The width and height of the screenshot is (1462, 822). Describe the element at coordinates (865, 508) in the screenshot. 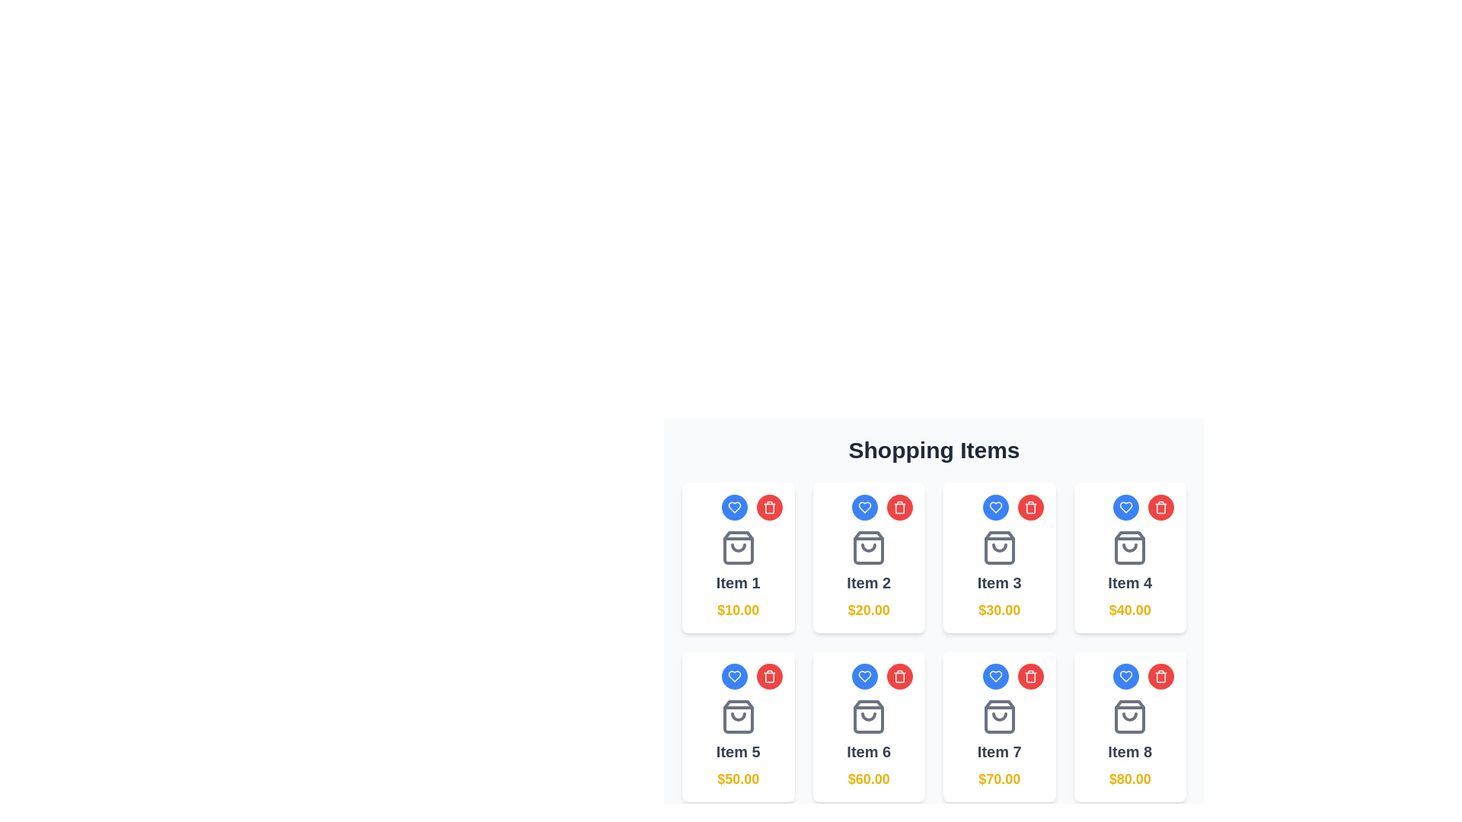

I see `the circular blue button with a heart icon, which is the first button in the action set for 'Item 2' in the 'Shopping Items' grid layout` at that location.